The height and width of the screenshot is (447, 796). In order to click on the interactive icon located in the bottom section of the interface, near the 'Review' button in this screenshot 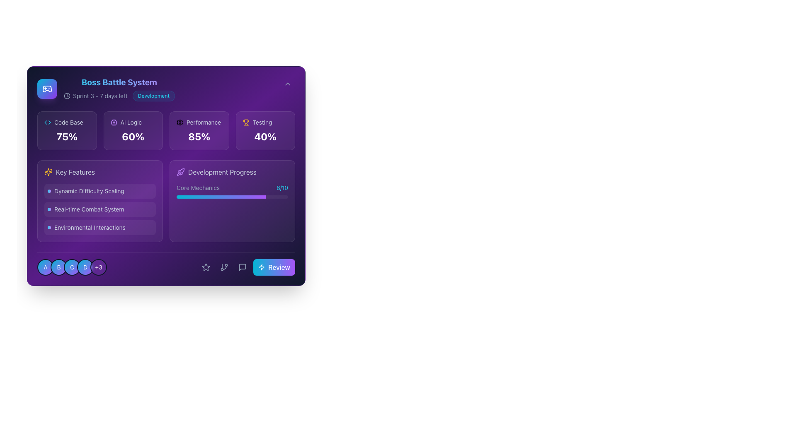, I will do `click(206, 267)`.